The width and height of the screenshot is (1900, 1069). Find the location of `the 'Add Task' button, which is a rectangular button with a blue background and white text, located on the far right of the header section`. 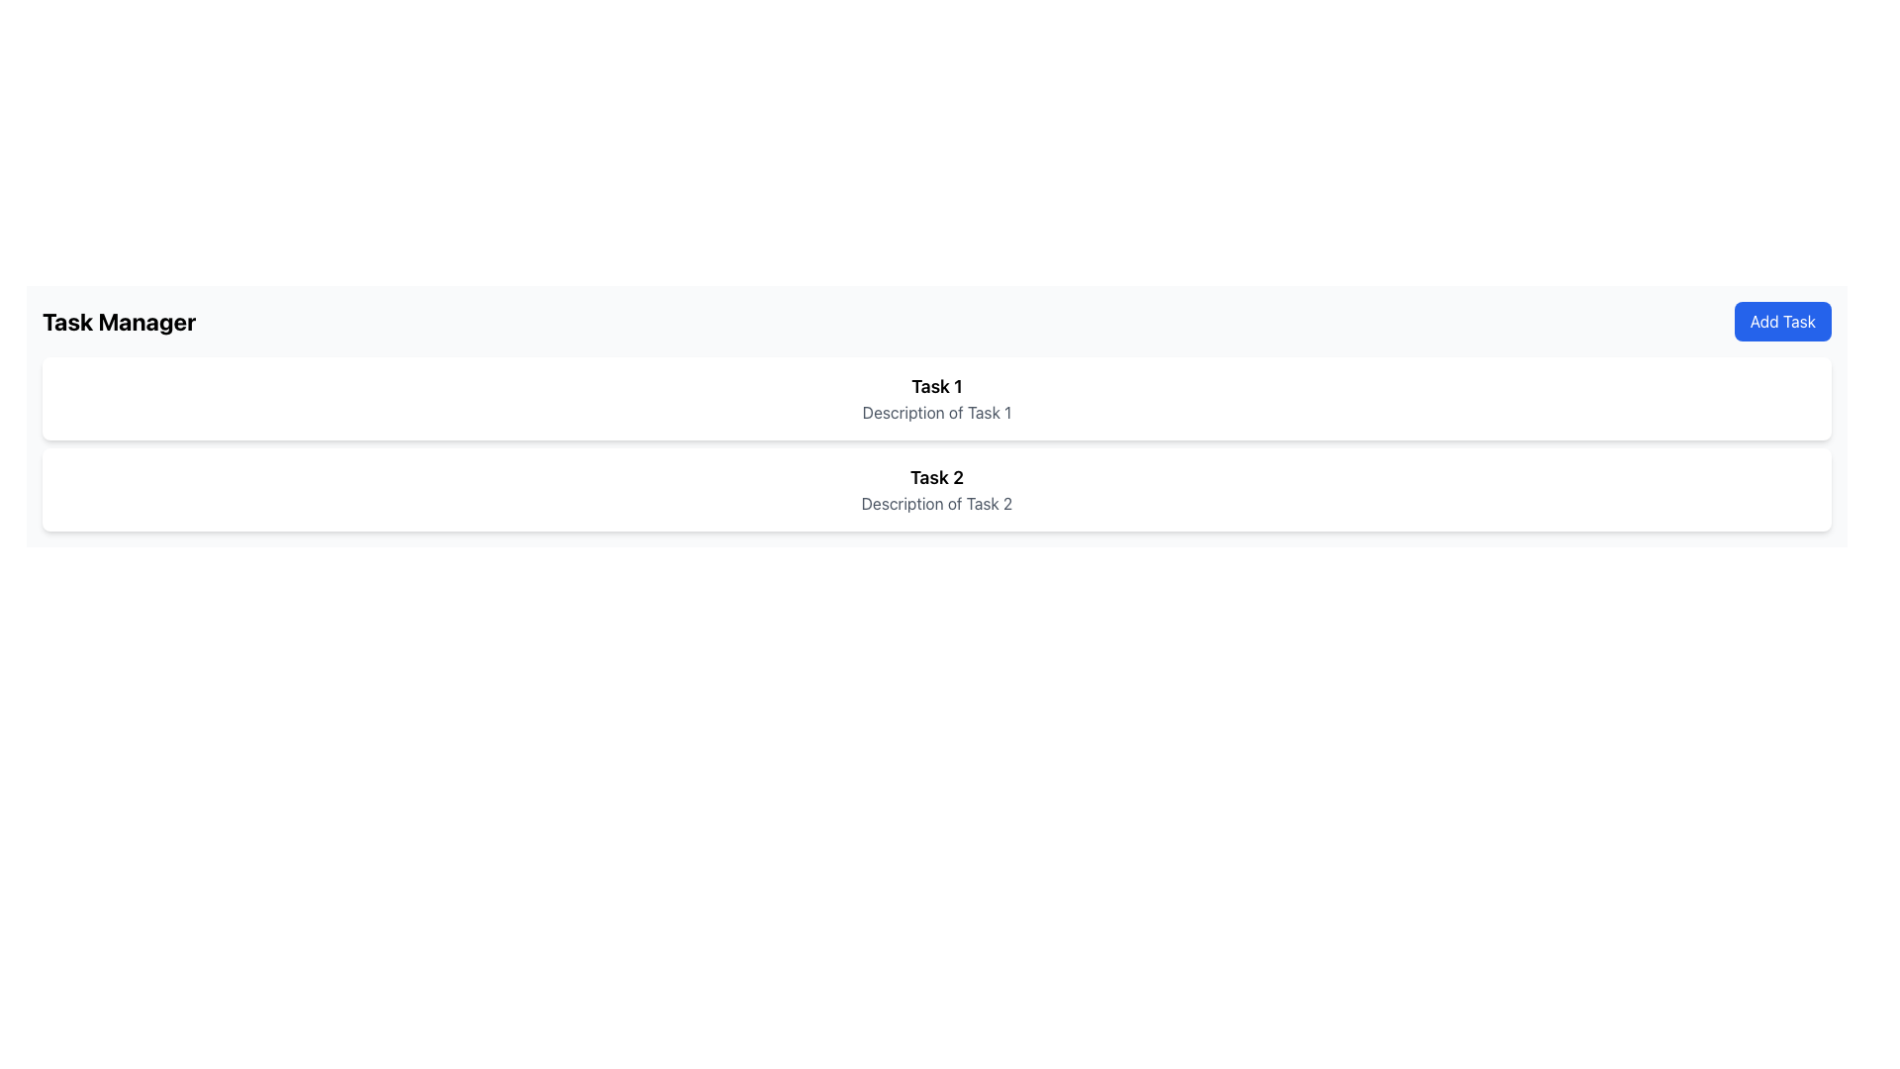

the 'Add Task' button, which is a rectangular button with a blue background and white text, located on the far right of the header section is located at coordinates (1782, 320).